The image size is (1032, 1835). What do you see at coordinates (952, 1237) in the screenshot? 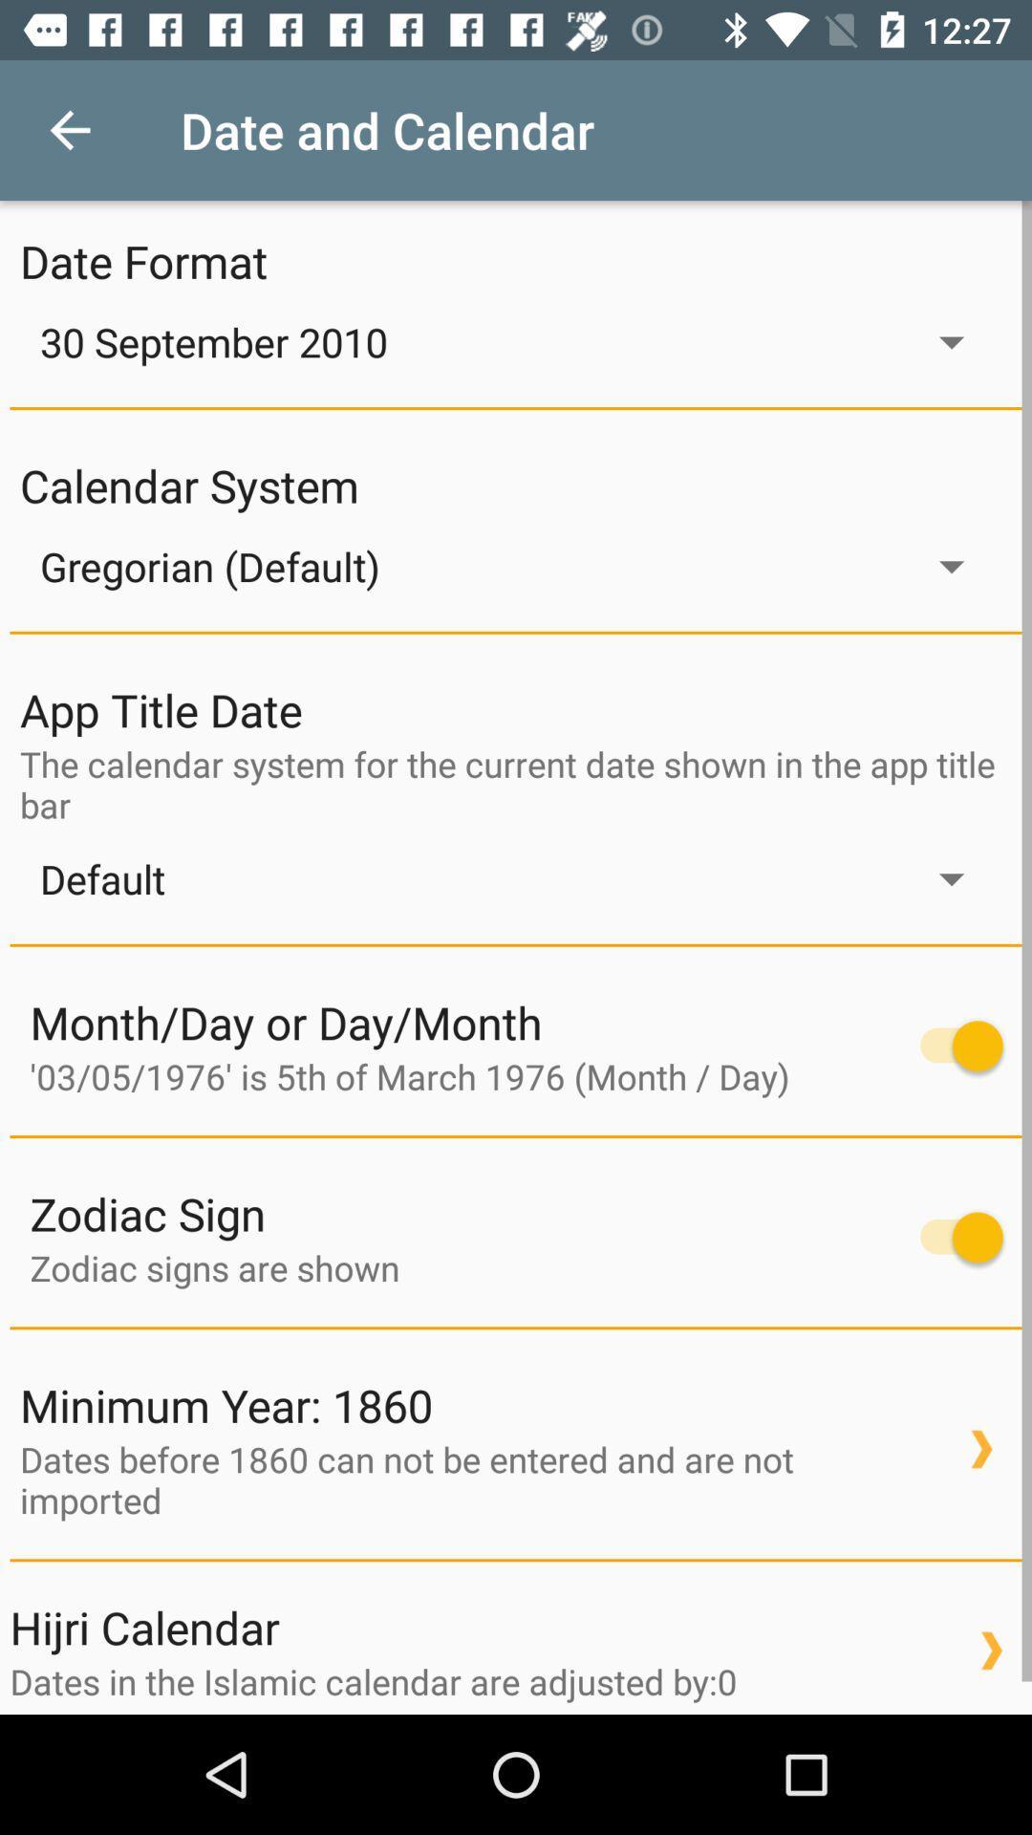
I see `autoplay option` at bounding box center [952, 1237].